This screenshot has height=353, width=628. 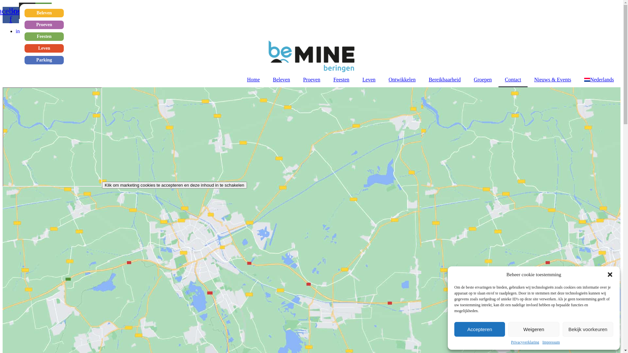 What do you see at coordinates (44, 25) in the screenshot?
I see `'Proeven'` at bounding box center [44, 25].